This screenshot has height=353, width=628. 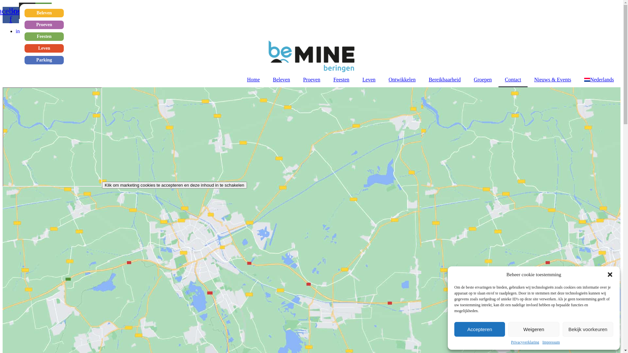 What do you see at coordinates (44, 25) in the screenshot?
I see `'Proeven'` at bounding box center [44, 25].